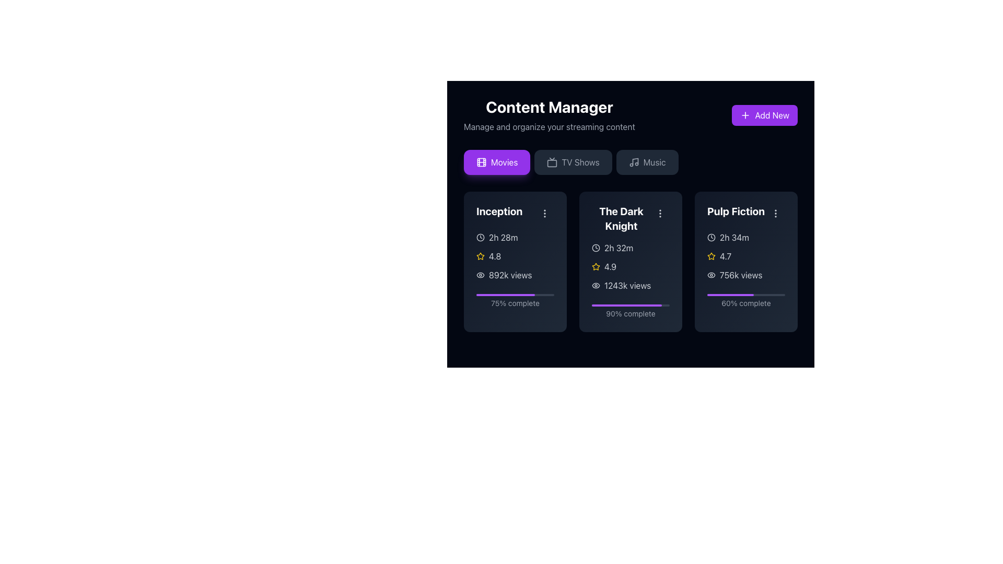 The image size is (1003, 564). What do you see at coordinates (515, 303) in the screenshot?
I see `displayed text of the text label showing '75% complete', which is located below the purple progress bar in the leftmost card labeled 'Inception'` at bounding box center [515, 303].